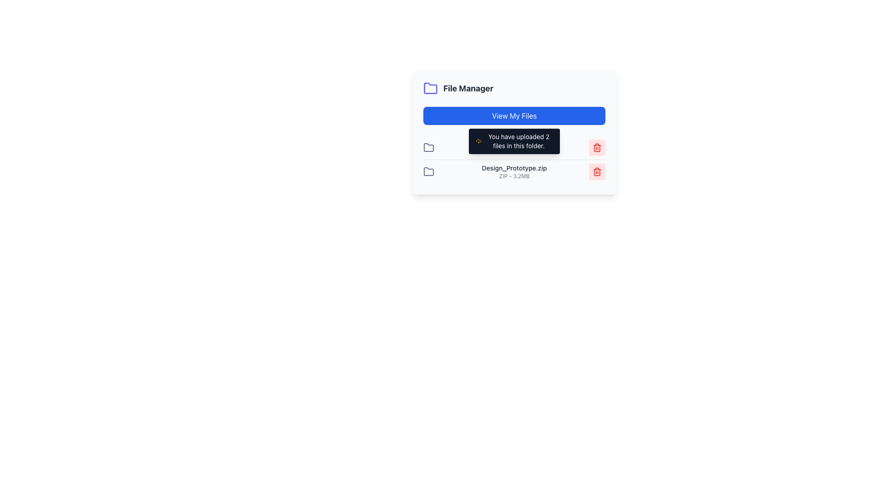  Describe the element at coordinates (428, 147) in the screenshot. I see `the folder icon located in the 'File Manager' section, which is situated on the left side of the top-level row, adjacent to the text 'File Manager'` at that location.